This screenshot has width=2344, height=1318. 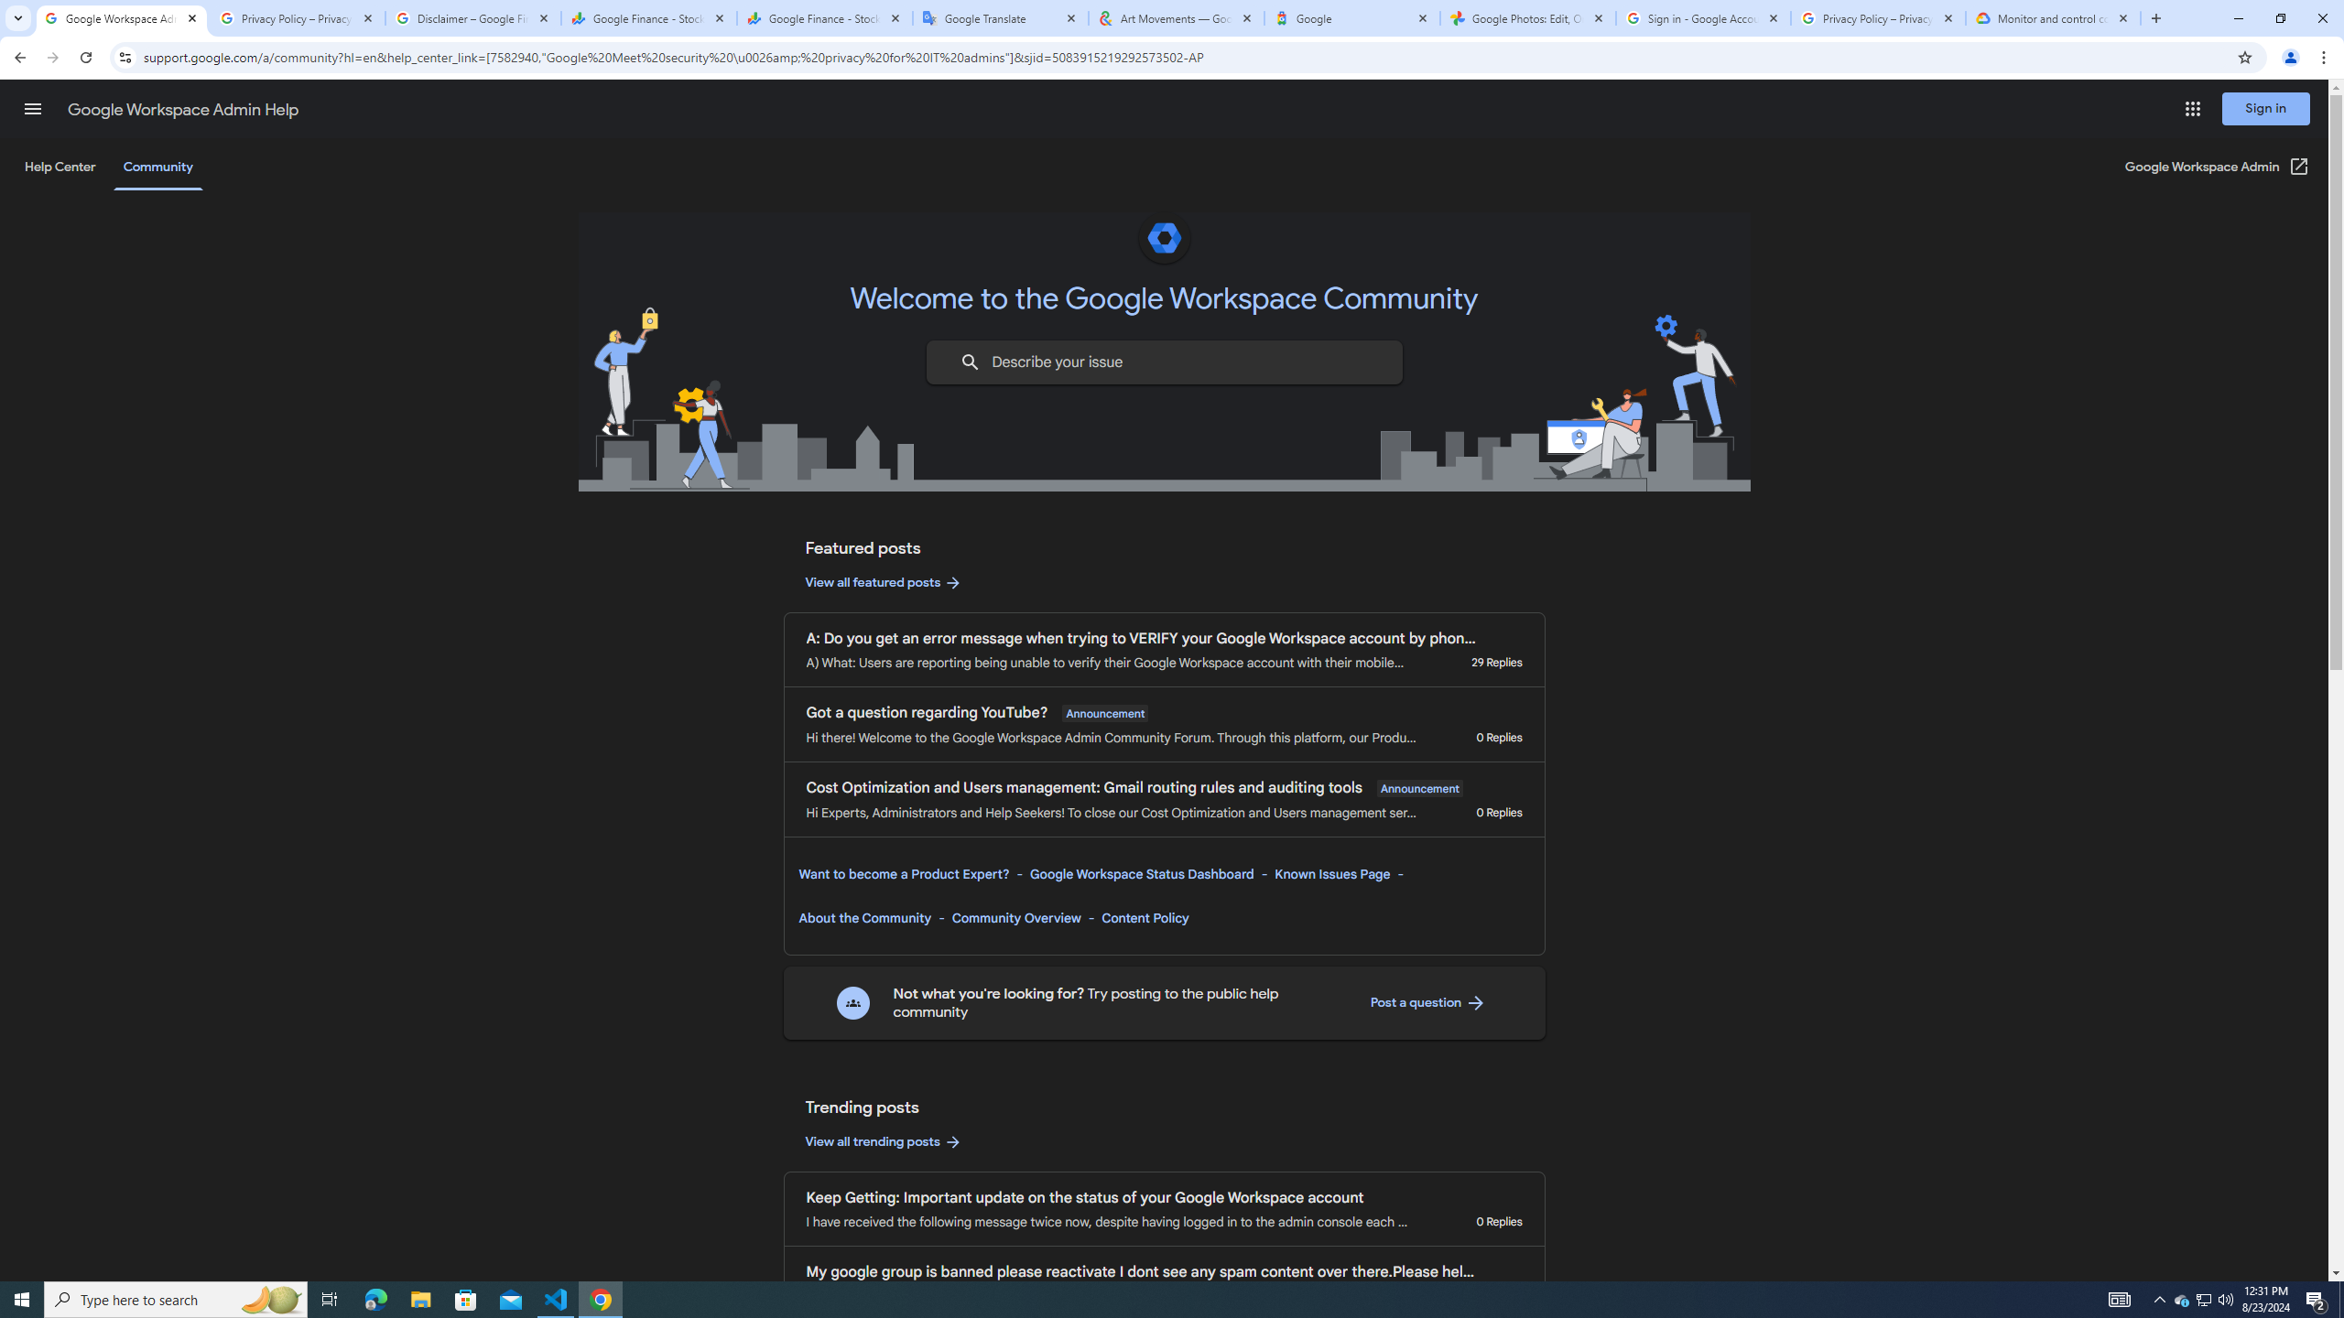 What do you see at coordinates (157, 166) in the screenshot?
I see `'Community'` at bounding box center [157, 166].